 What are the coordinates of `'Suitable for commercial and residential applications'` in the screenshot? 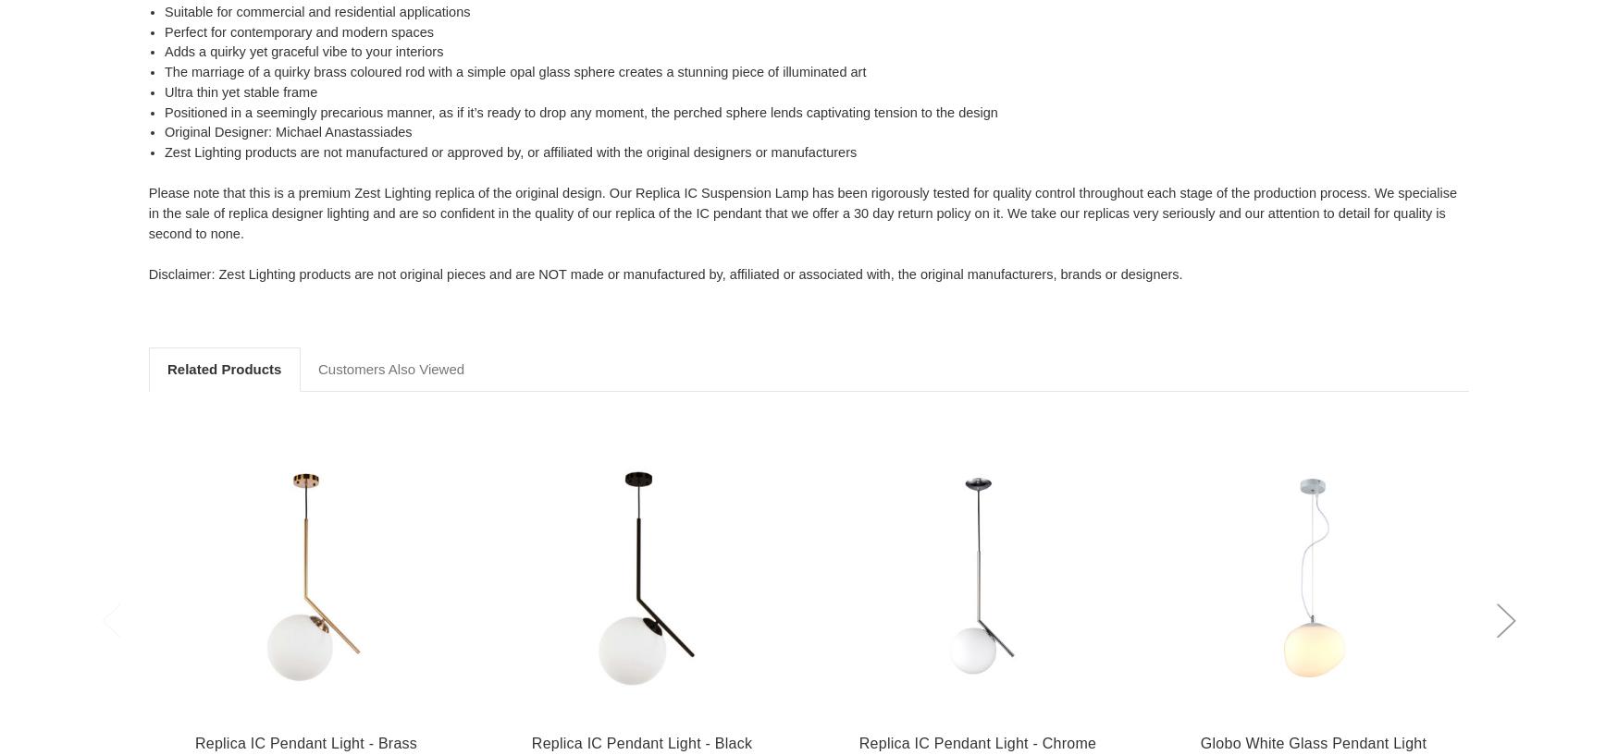 It's located at (164, 10).